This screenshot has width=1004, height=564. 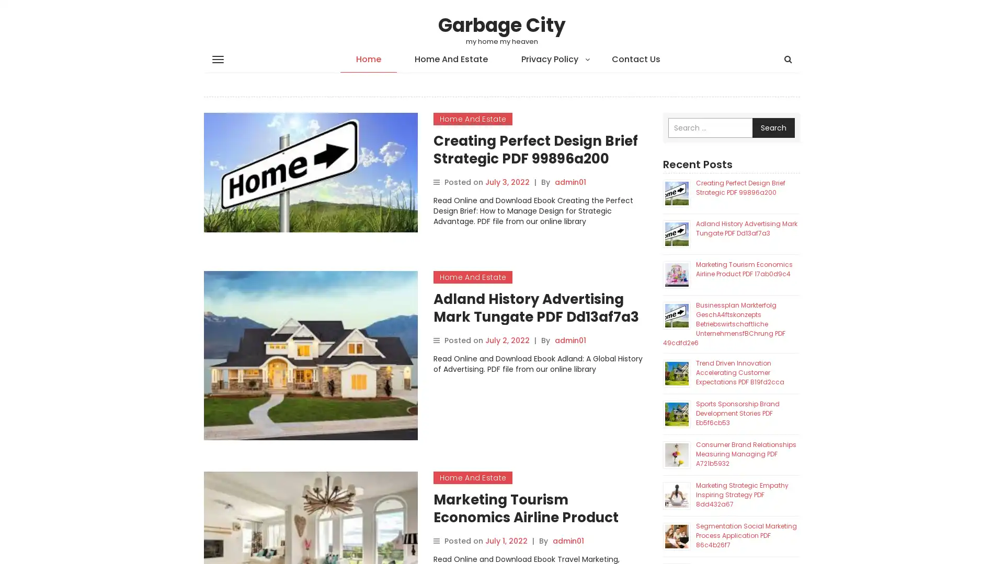 What do you see at coordinates (773, 127) in the screenshot?
I see `Search` at bounding box center [773, 127].